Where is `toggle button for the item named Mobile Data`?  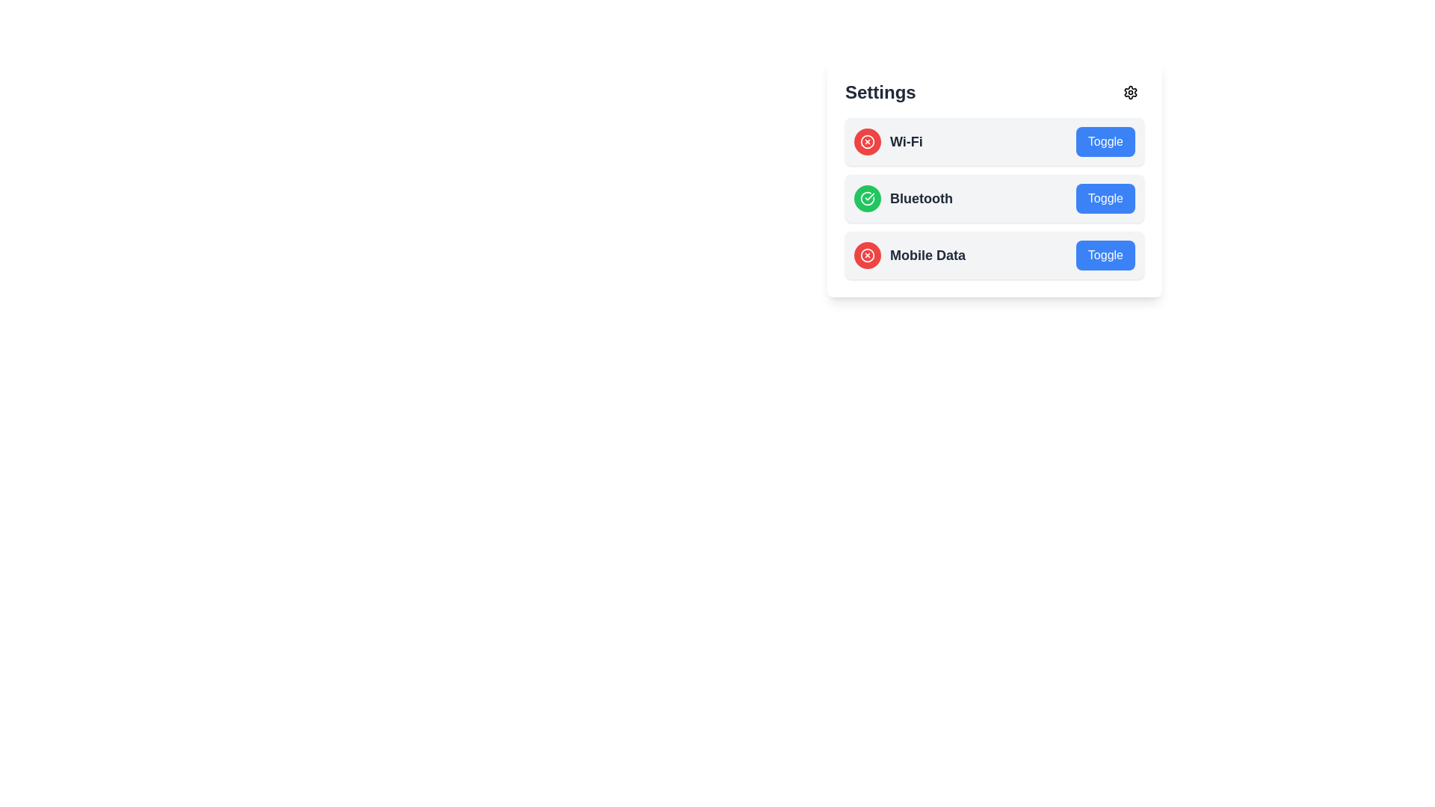
toggle button for the item named Mobile Data is located at coordinates (1105, 255).